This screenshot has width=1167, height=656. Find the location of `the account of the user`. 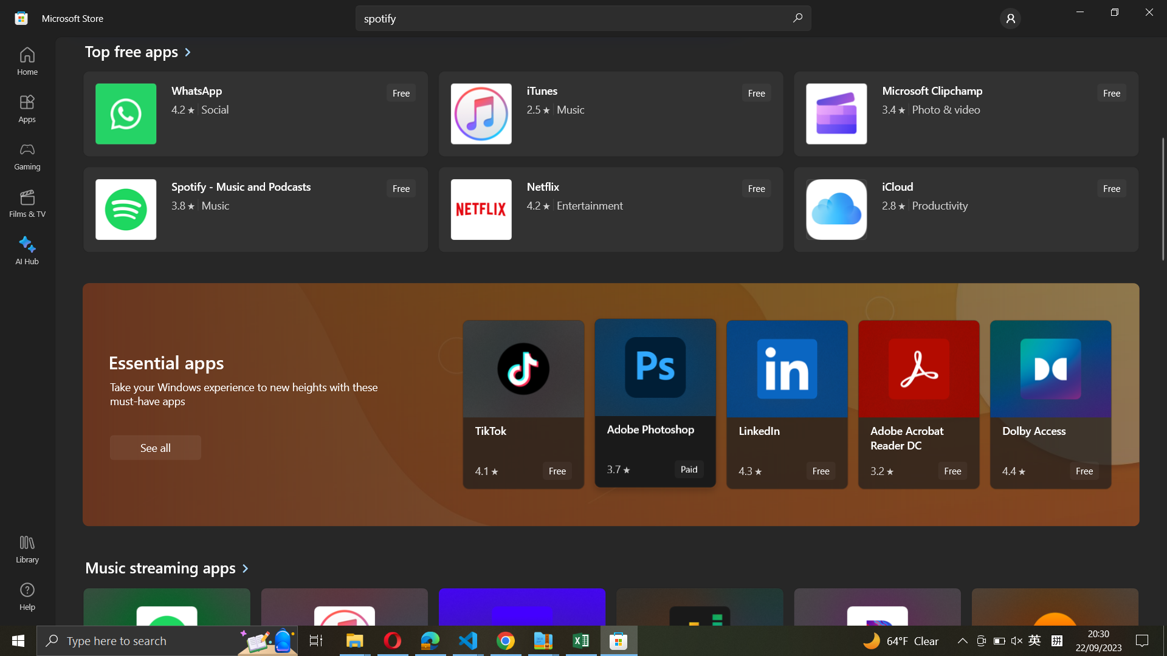

the account of the user is located at coordinates (1010, 18).